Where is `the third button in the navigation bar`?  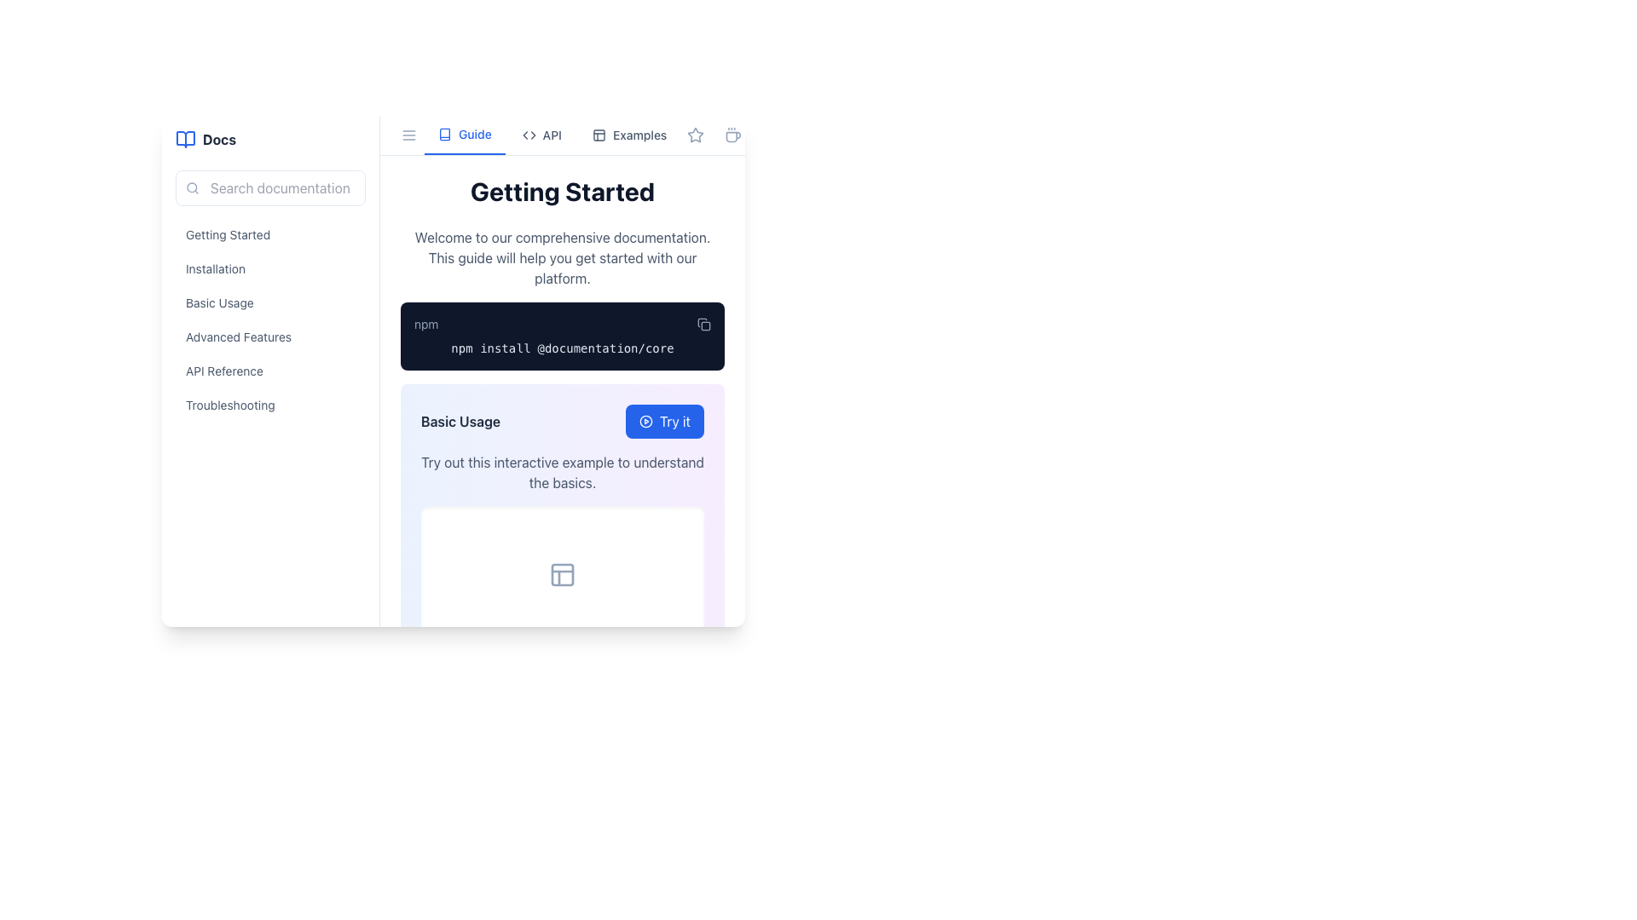
the third button in the navigation bar is located at coordinates (628, 134).